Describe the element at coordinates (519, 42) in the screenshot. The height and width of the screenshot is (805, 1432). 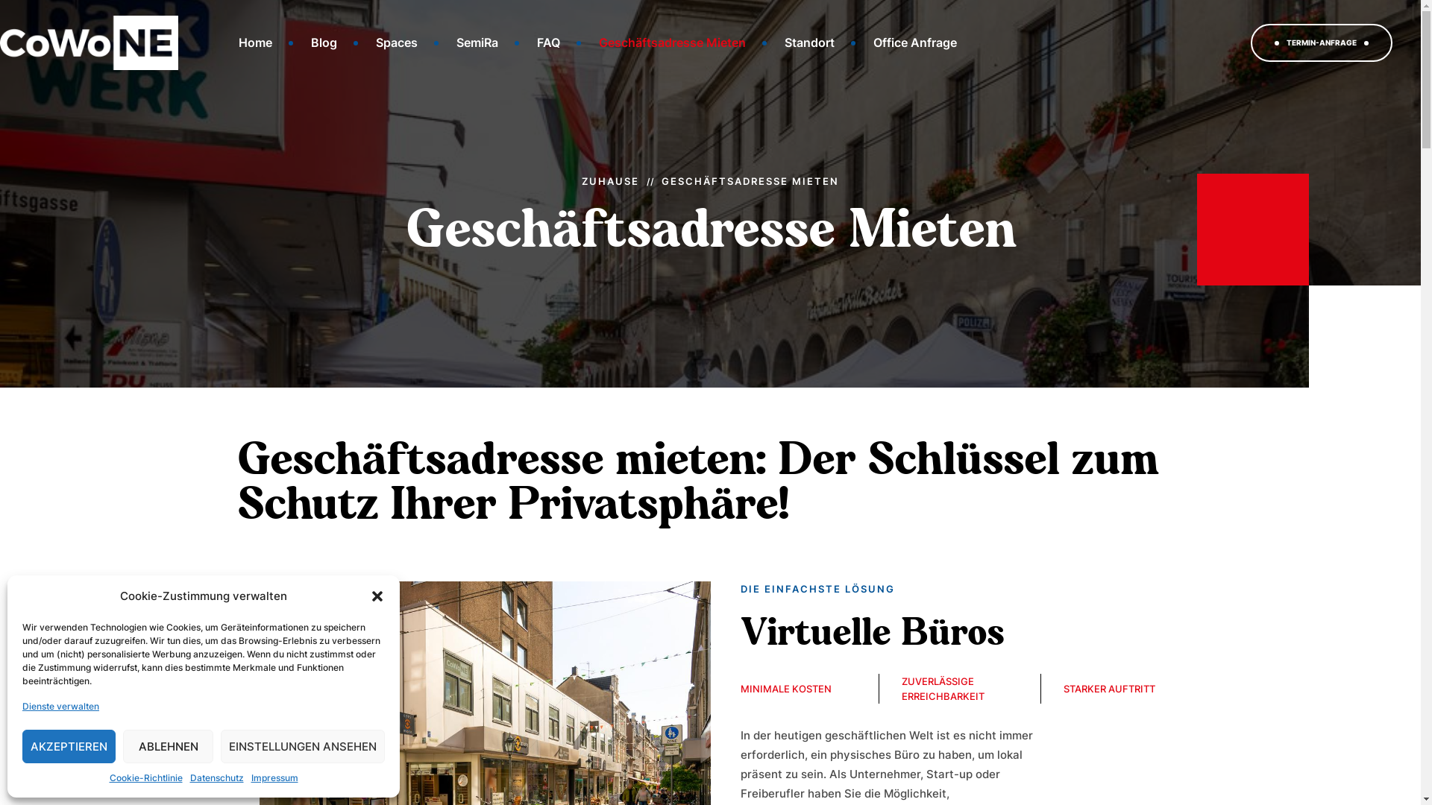
I see `'FAQ'` at that location.